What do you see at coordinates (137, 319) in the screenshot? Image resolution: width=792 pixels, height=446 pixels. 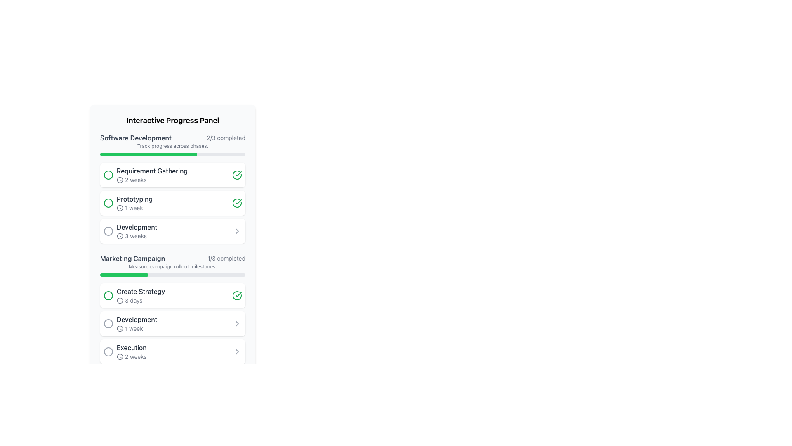 I see `the text label displaying 'Development' in dark gray, which is the second item in the 'Marketing Campaign' section` at bounding box center [137, 319].